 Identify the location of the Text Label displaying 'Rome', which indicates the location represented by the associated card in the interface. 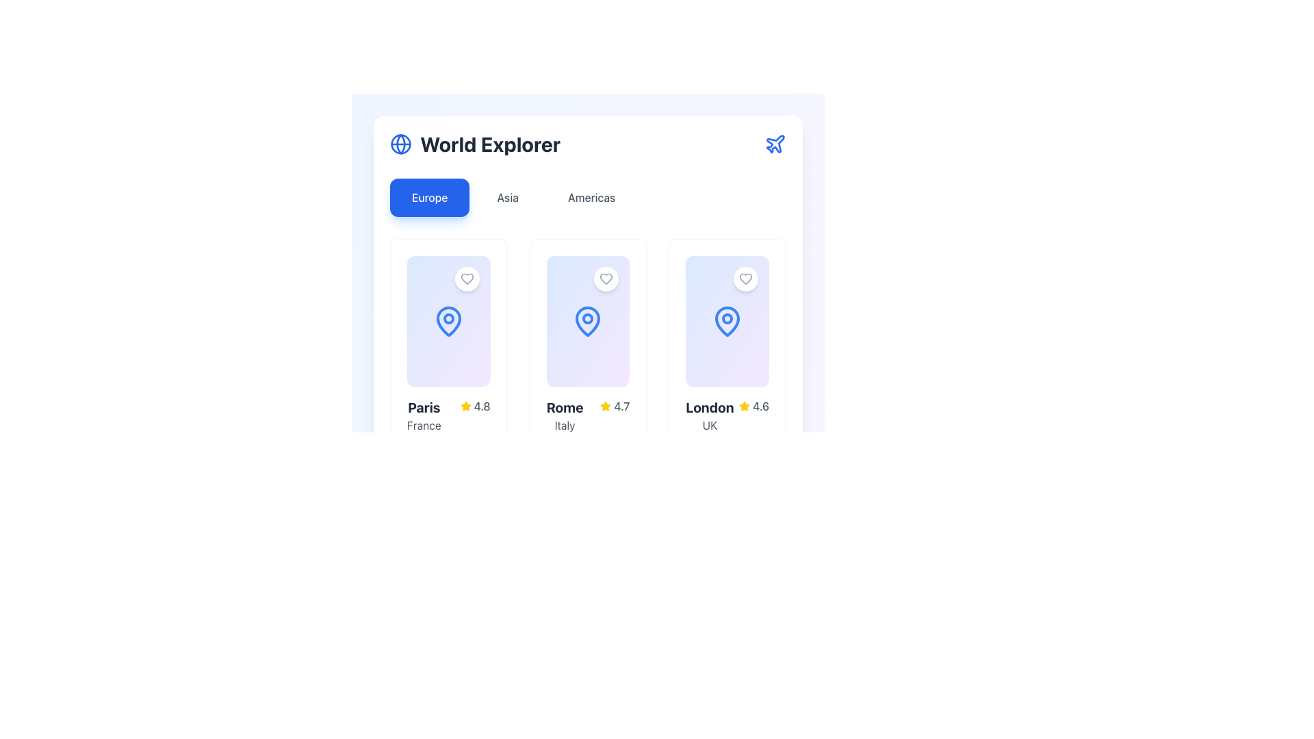
(565, 407).